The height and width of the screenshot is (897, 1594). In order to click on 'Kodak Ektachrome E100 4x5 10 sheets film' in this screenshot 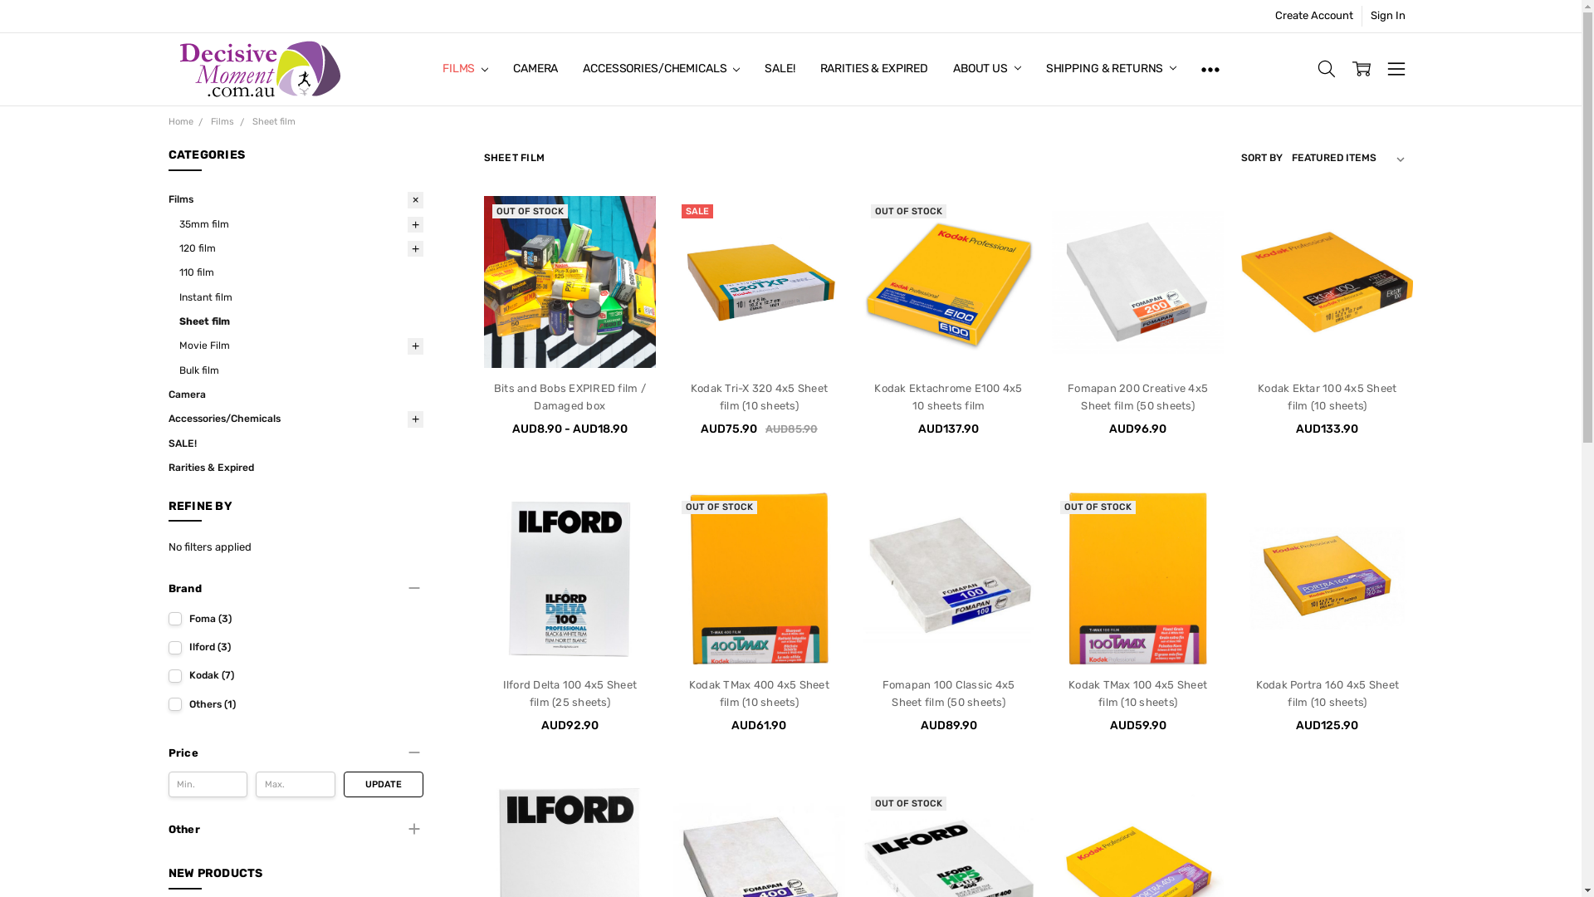, I will do `click(948, 281)`.